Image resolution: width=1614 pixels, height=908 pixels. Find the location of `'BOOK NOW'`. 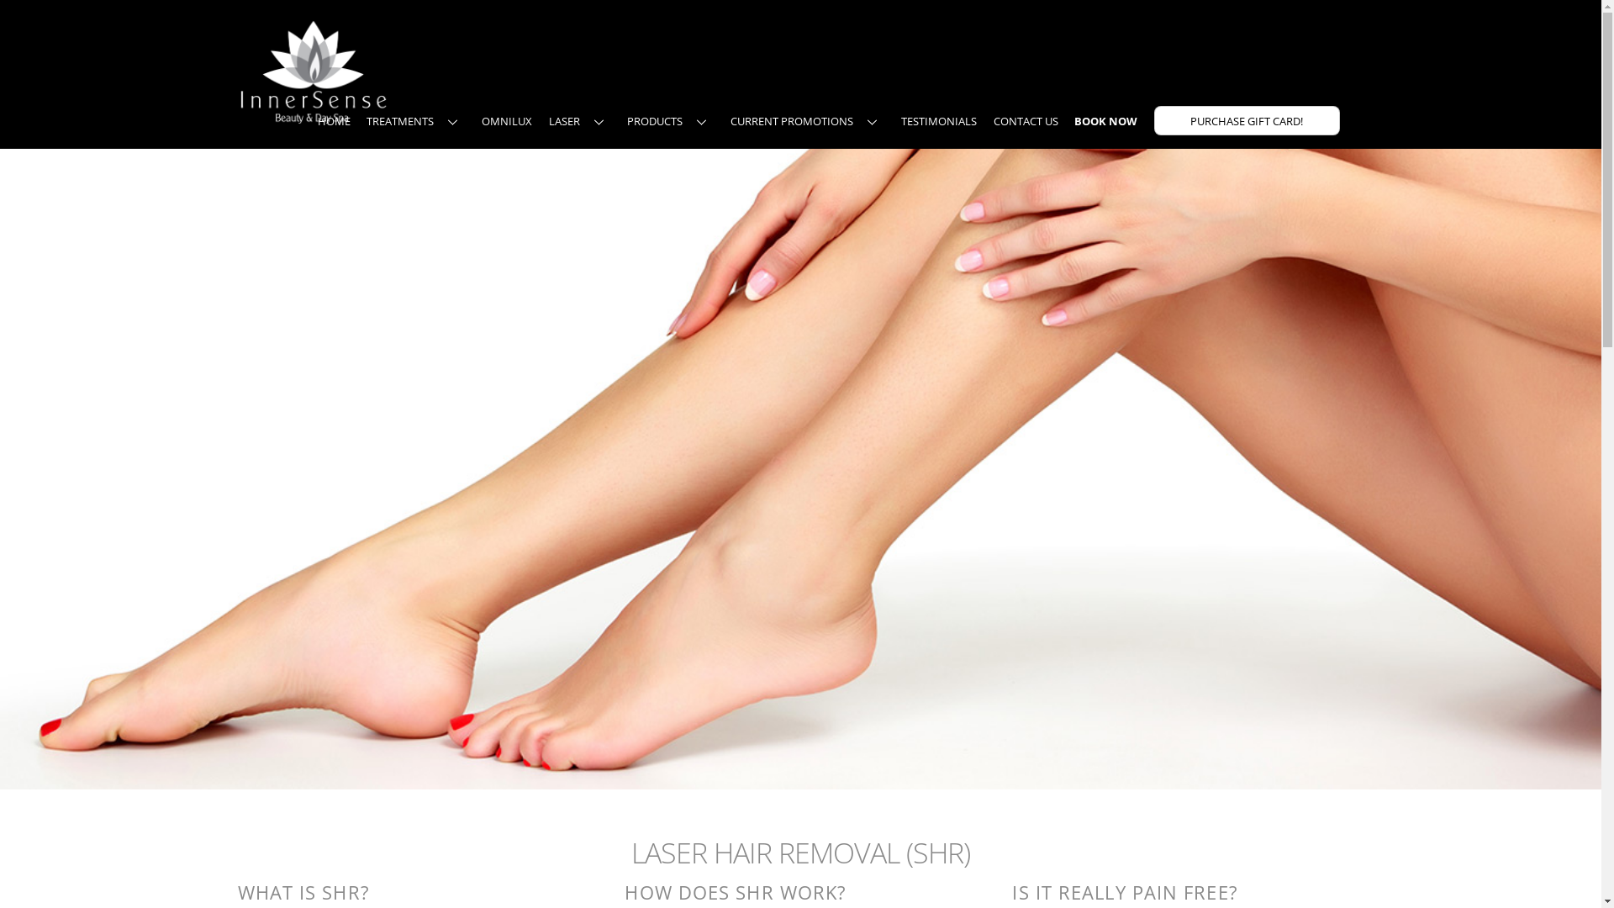

'BOOK NOW' is located at coordinates (1105, 119).